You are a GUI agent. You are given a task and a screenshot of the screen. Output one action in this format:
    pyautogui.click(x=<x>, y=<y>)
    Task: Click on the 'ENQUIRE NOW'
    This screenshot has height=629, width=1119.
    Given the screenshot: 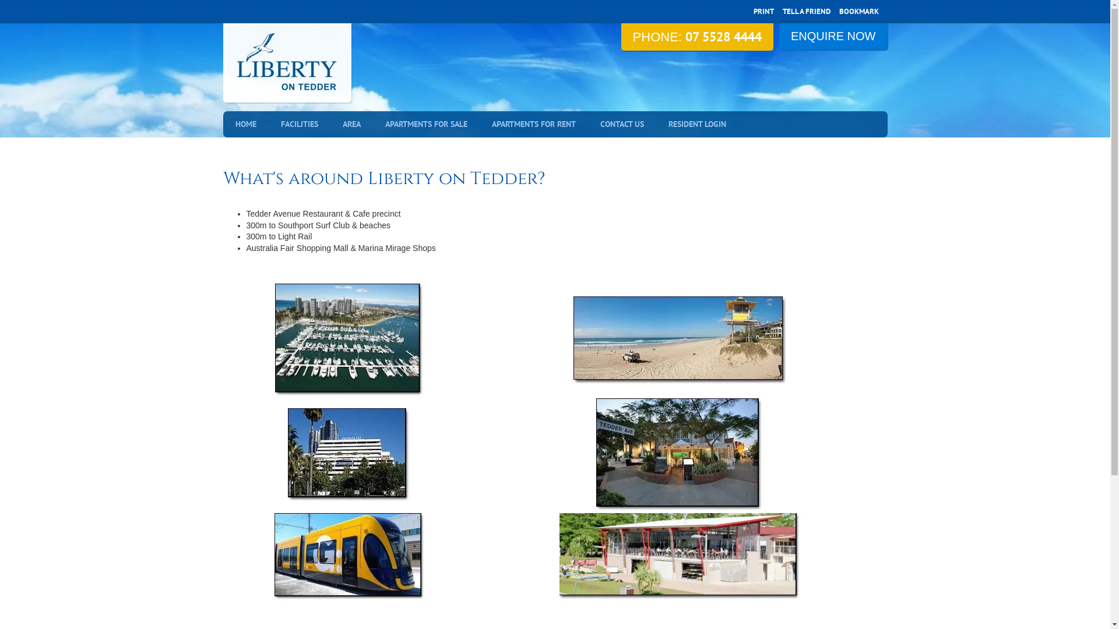 What is the action you would take?
    pyautogui.click(x=833, y=36)
    